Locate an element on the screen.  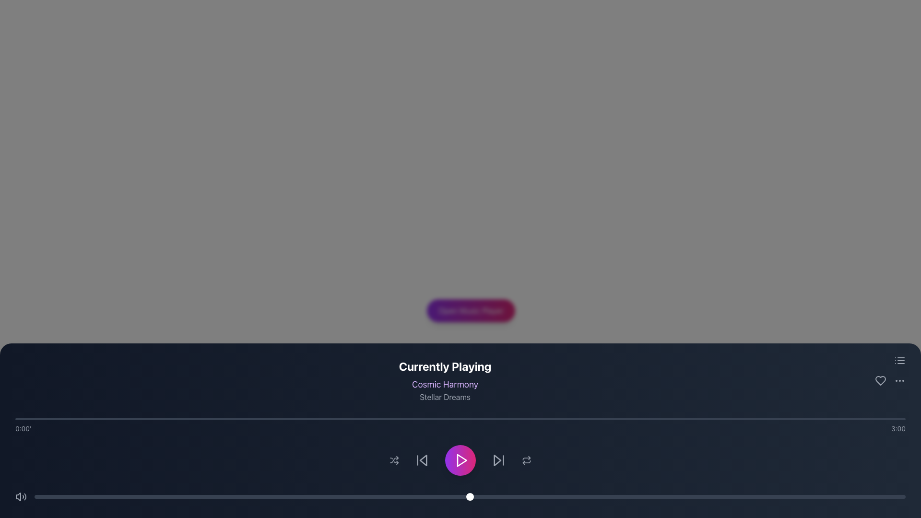
the Informational Display that shows the currently playing song, located in the center of the music player interface, above the playback control buttons and below the 'Open Music Player' button is located at coordinates (471, 371).